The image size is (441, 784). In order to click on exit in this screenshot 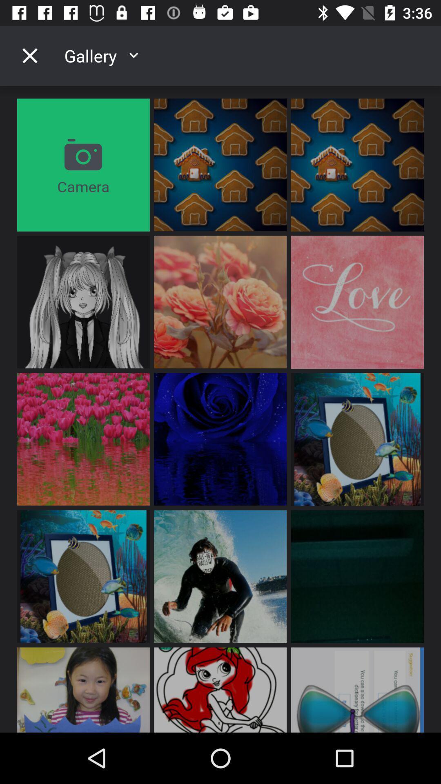, I will do `click(29, 55)`.